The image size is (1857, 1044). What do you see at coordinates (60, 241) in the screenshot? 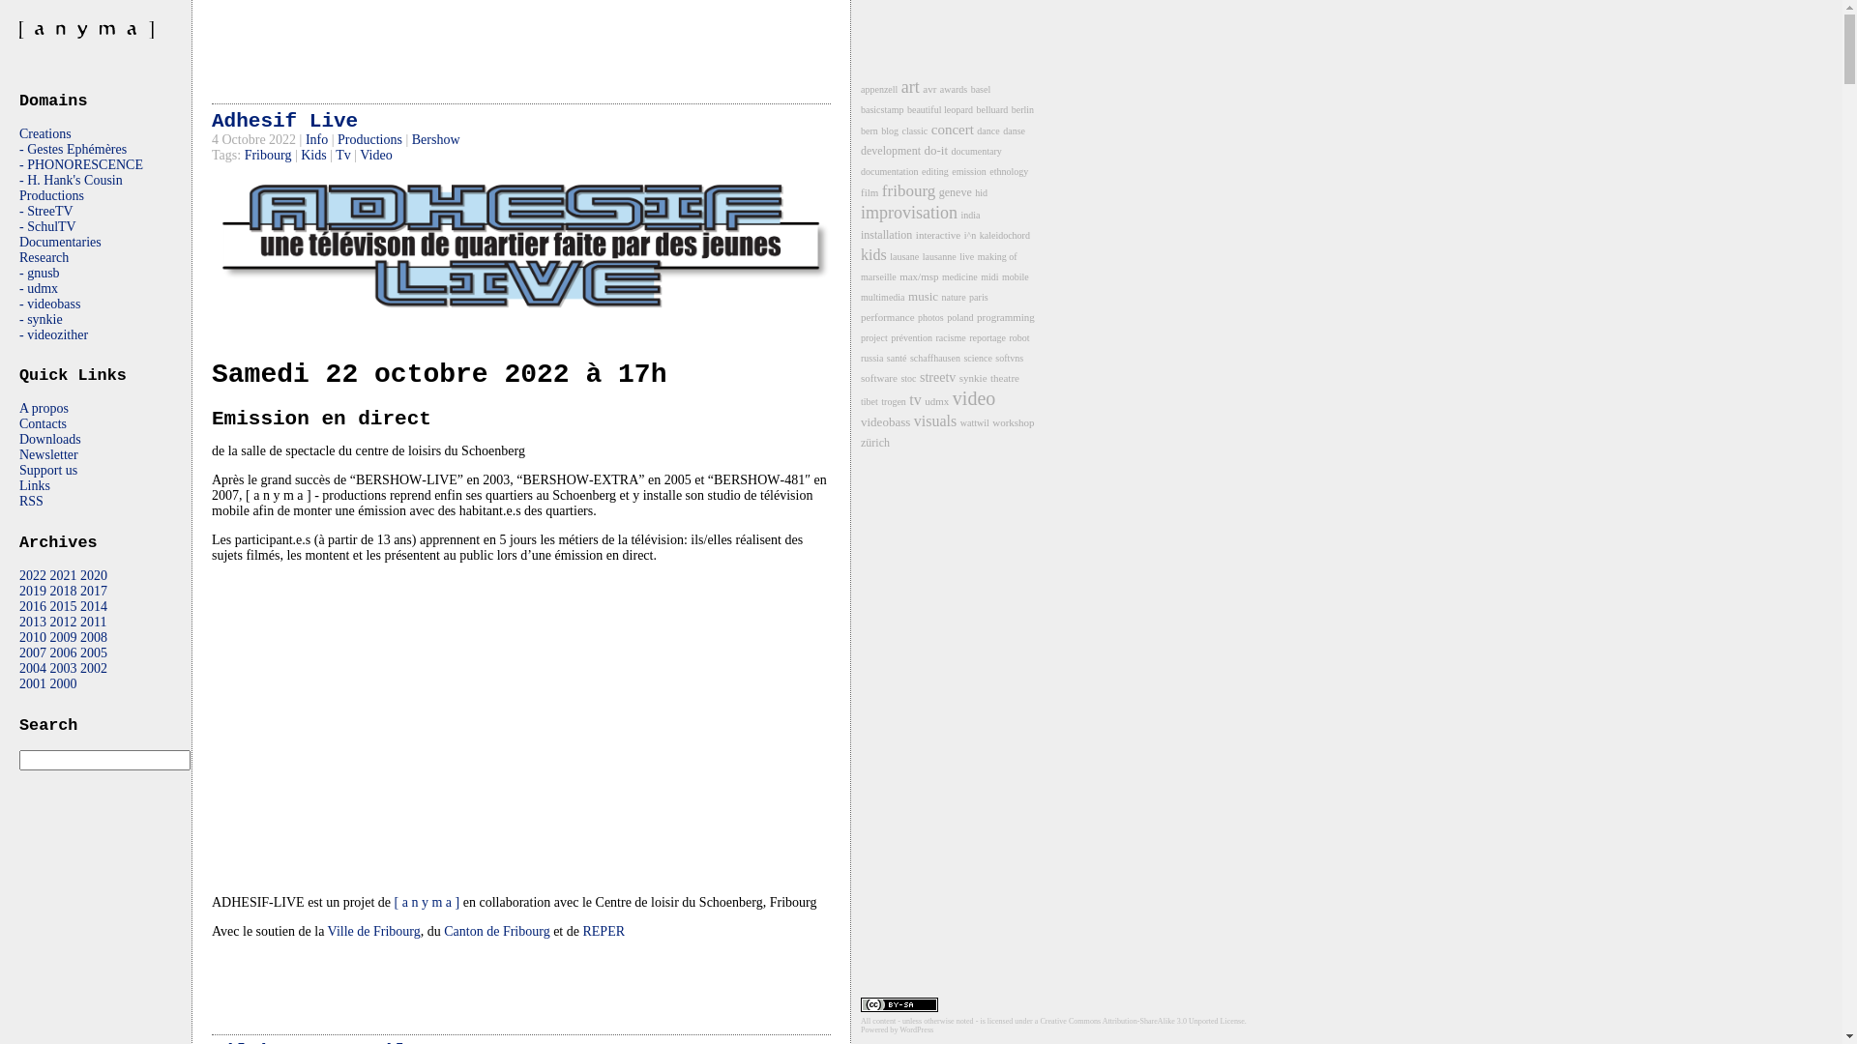
I see `'Documentaries'` at bounding box center [60, 241].